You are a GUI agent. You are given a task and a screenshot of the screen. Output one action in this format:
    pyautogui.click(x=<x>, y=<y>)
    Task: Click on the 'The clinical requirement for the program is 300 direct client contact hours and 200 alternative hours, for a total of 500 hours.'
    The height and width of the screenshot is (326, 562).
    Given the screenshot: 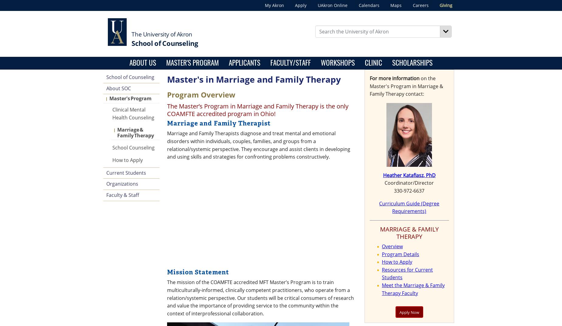 What is the action you would take?
    pyautogui.click(x=264, y=176)
    